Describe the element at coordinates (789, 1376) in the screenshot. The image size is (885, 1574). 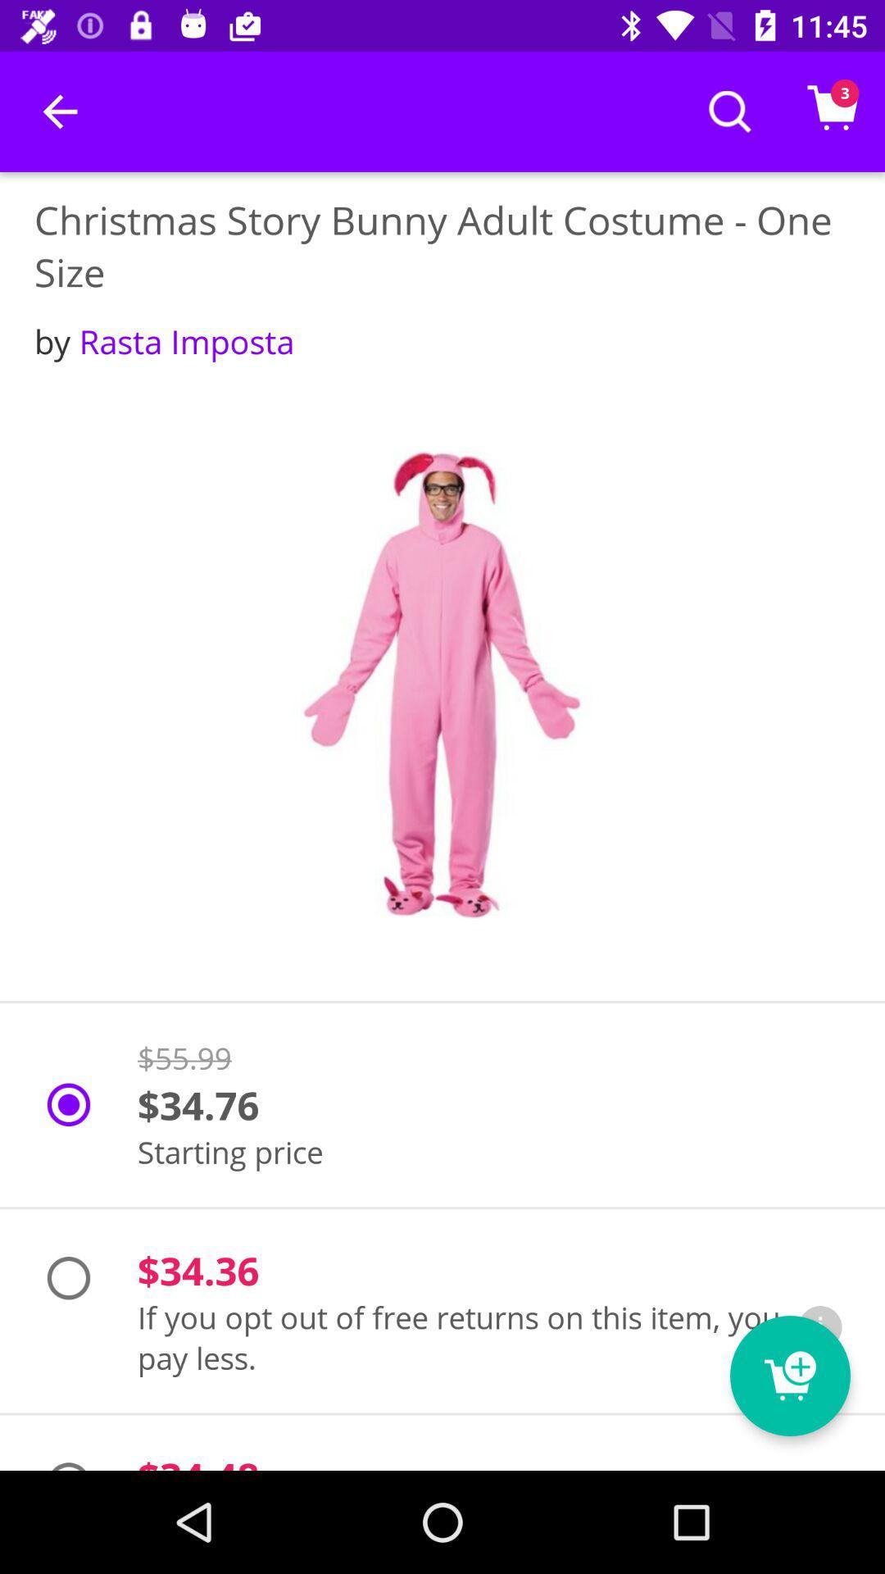
I see `to cart` at that location.